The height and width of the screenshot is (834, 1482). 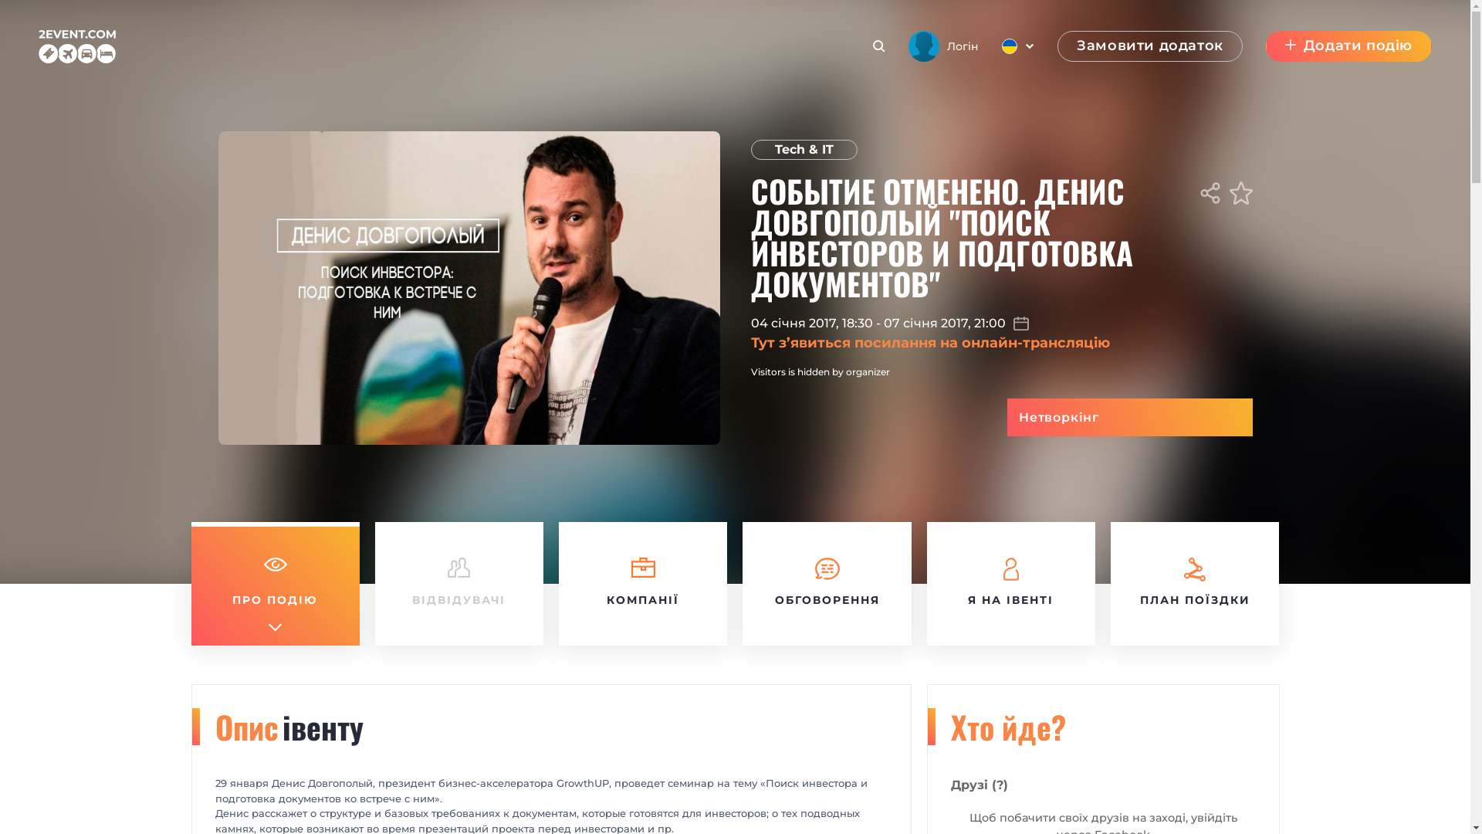 What do you see at coordinates (803, 149) in the screenshot?
I see `'Tech & IT'` at bounding box center [803, 149].